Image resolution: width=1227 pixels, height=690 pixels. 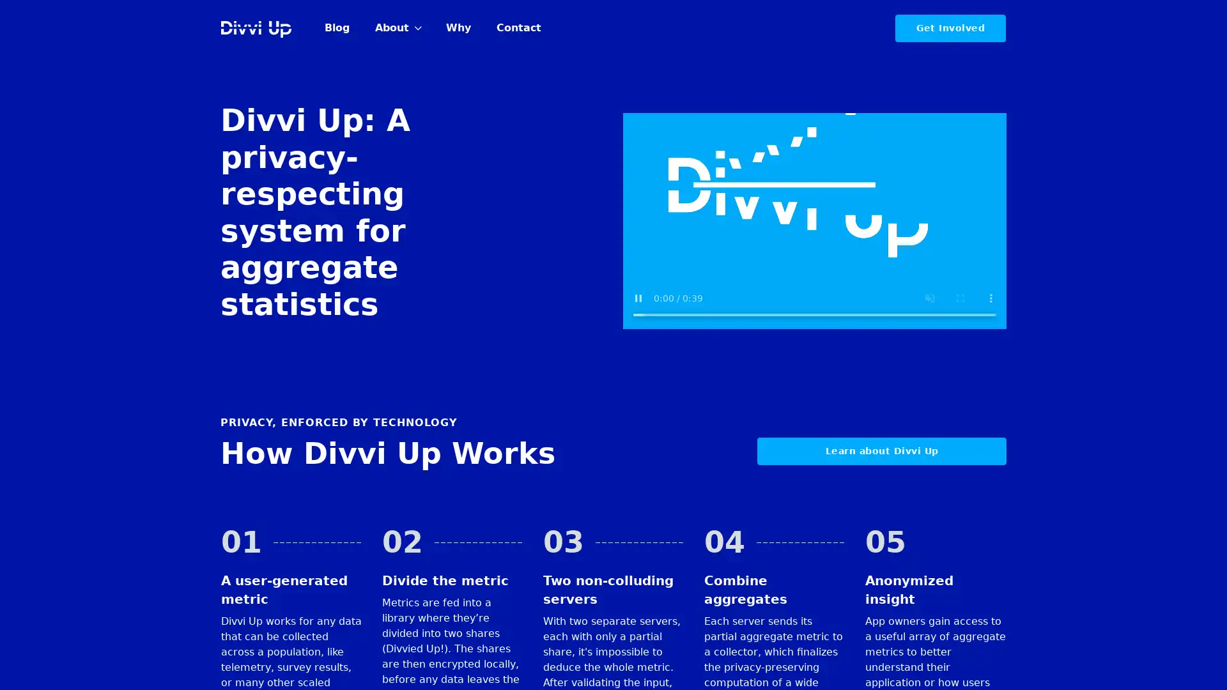 I want to click on pause, so click(x=638, y=298).